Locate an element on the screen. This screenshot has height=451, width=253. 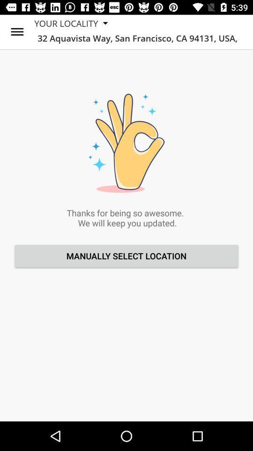
the manually select location icon is located at coordinates (126, 256).